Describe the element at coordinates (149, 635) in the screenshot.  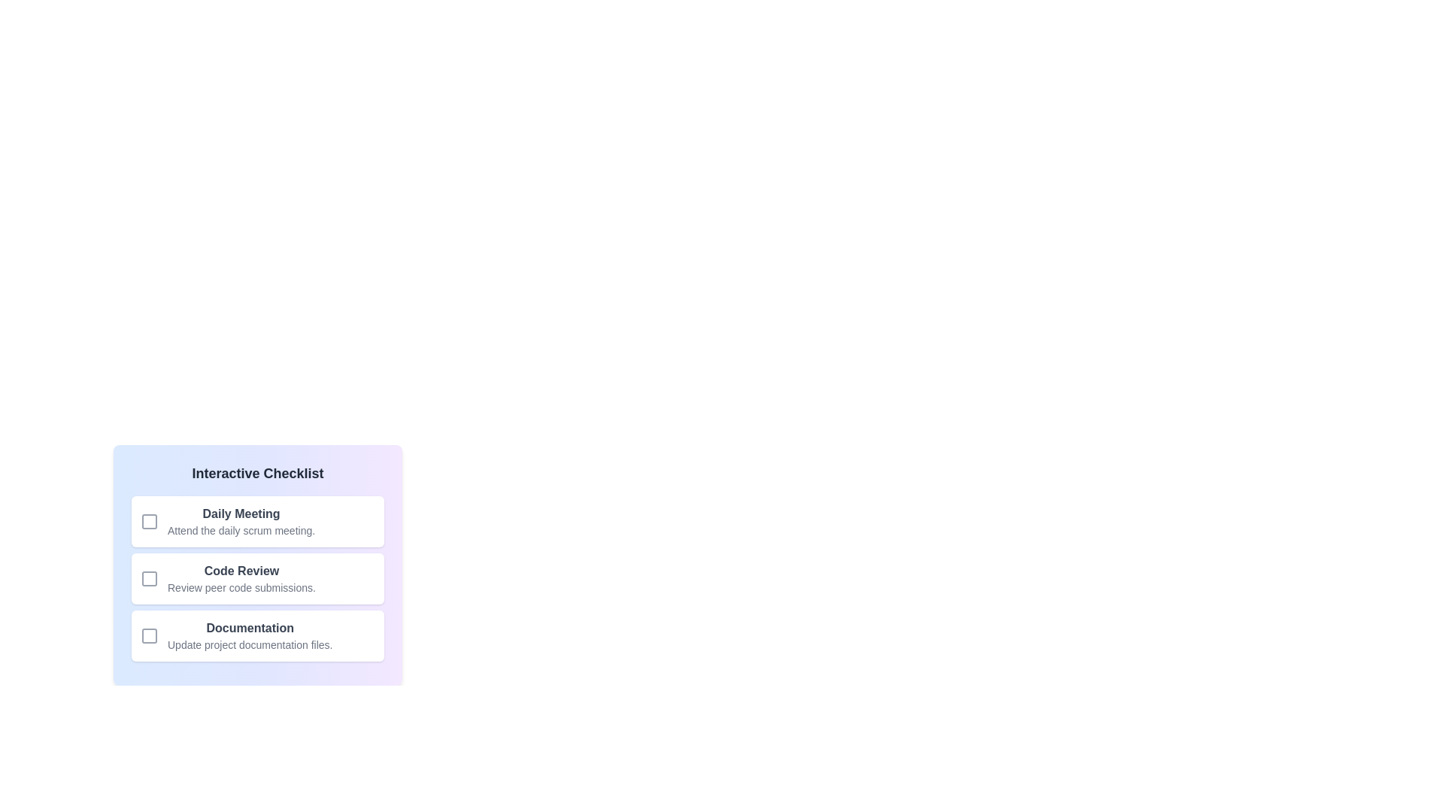
I see `the checkbox located to the left of the label 'Documentation' within the third entry of the checklist` at that location.